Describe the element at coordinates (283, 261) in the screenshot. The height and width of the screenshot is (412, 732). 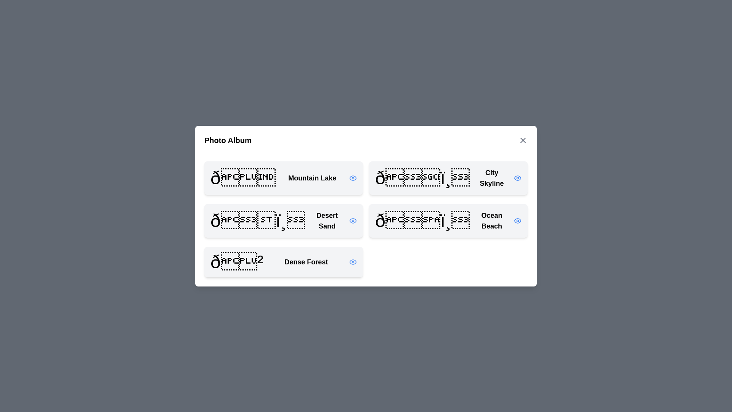
I see `the photo titled Dense Forest from the list` at that location.